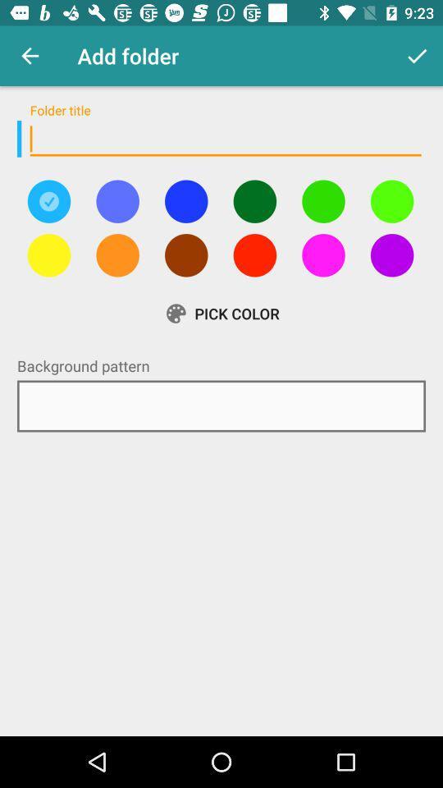 This screenshot has height=788, width=443. I want to click on pick green color, so click(254, 200).